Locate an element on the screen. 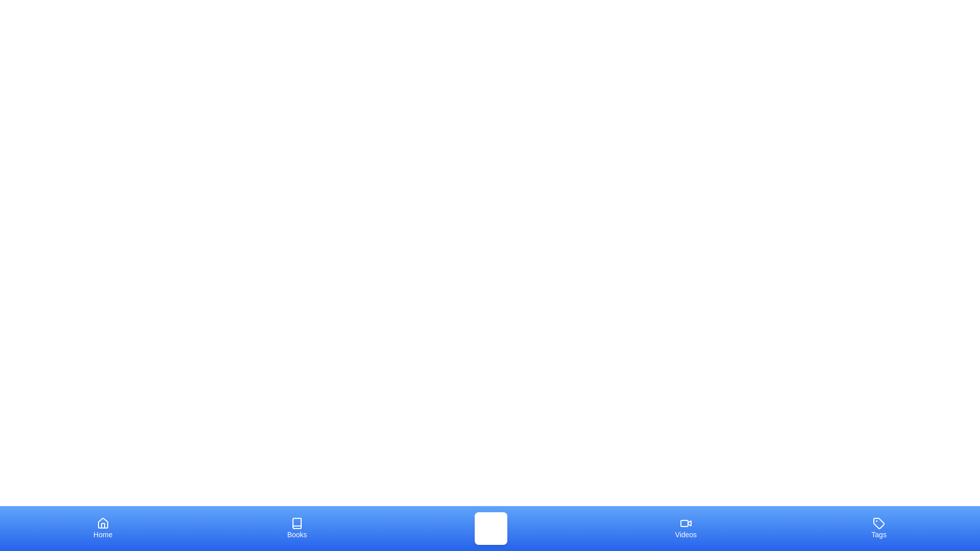 The image size is (980, 551). the tab labeled Books is located at coordinates (296, 528).